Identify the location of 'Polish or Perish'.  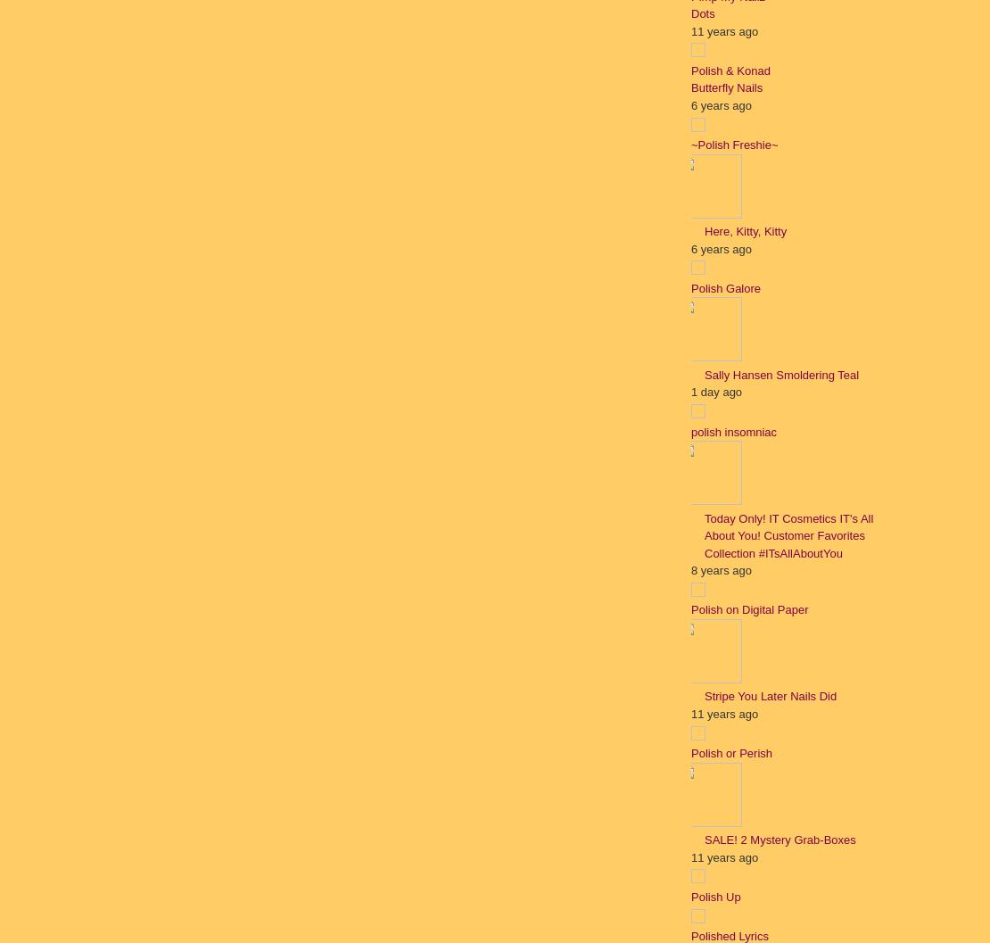
(731, 752).